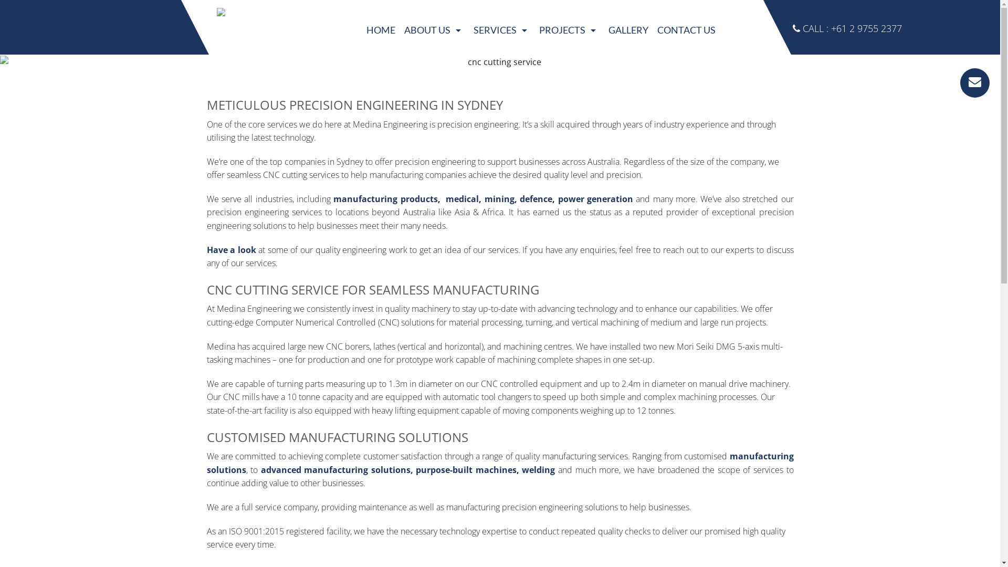  What do you see at coordinates (501, 29) in the screenshot?
I see `'SERVICES'` at bounding box center [501, 29].